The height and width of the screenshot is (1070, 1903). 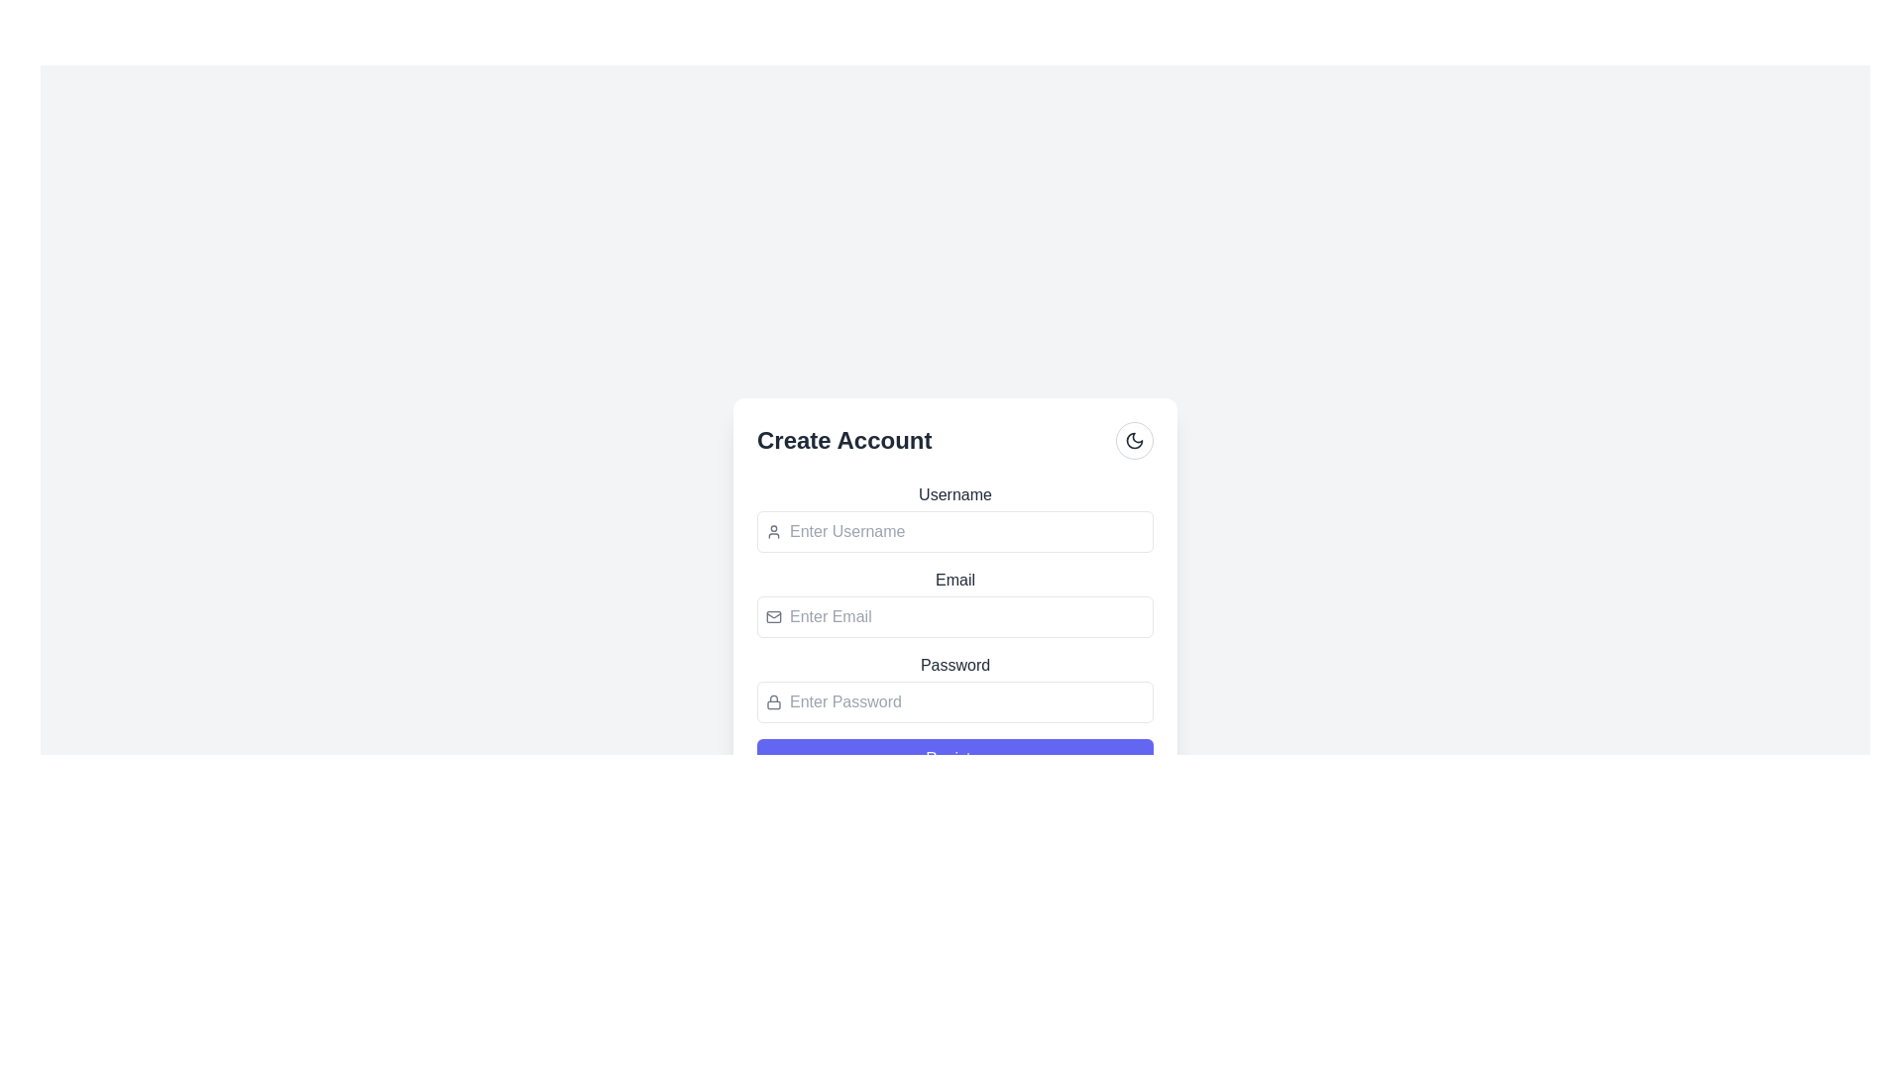 What do you see at coordinates (773, 616) in the screenshot?
I see `the Icon background element of the mail icon in the 'Create Account' section, positioned to the left of the 'Email' input box` at bounding box center [773, 616].